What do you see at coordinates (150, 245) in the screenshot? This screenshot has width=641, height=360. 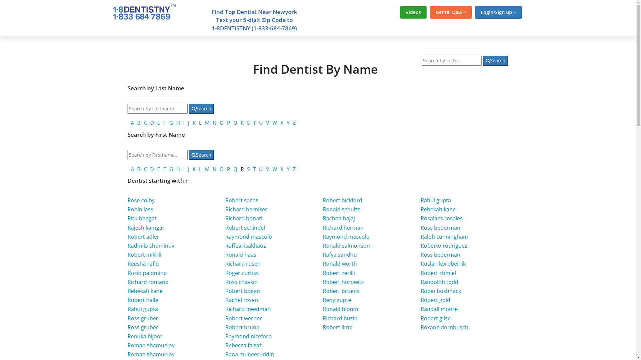 I see `'Radmila shuminov'` at bounding box center [150, 245].